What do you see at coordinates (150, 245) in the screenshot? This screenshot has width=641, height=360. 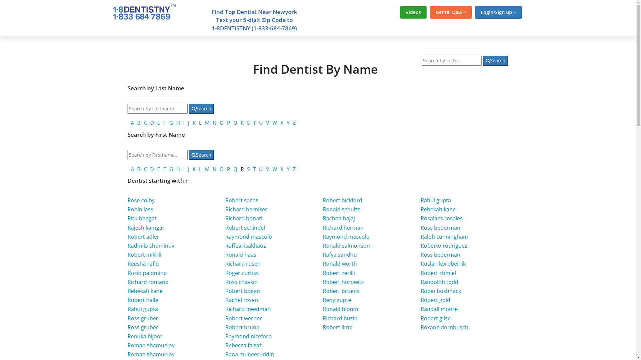 I see `'Radmila shuminov'` at bounding box center [150, 245].